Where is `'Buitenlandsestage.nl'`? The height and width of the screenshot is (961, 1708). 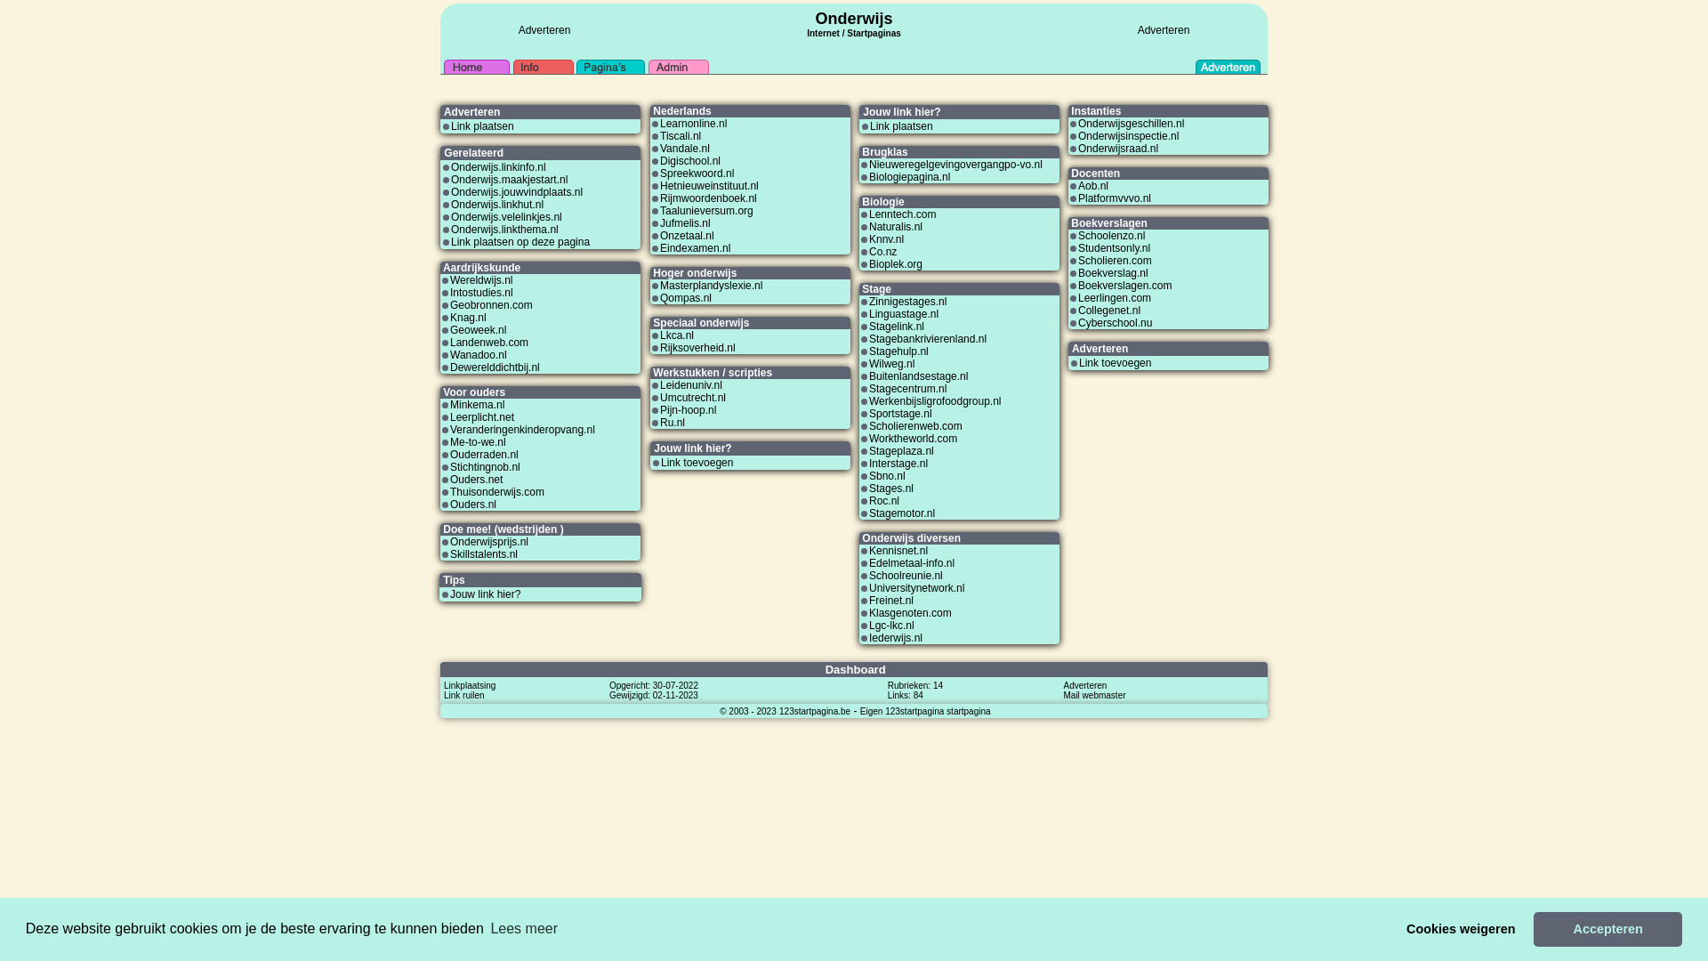
'Buitenlandsestage.nl' is located at coordinates (869, 376).